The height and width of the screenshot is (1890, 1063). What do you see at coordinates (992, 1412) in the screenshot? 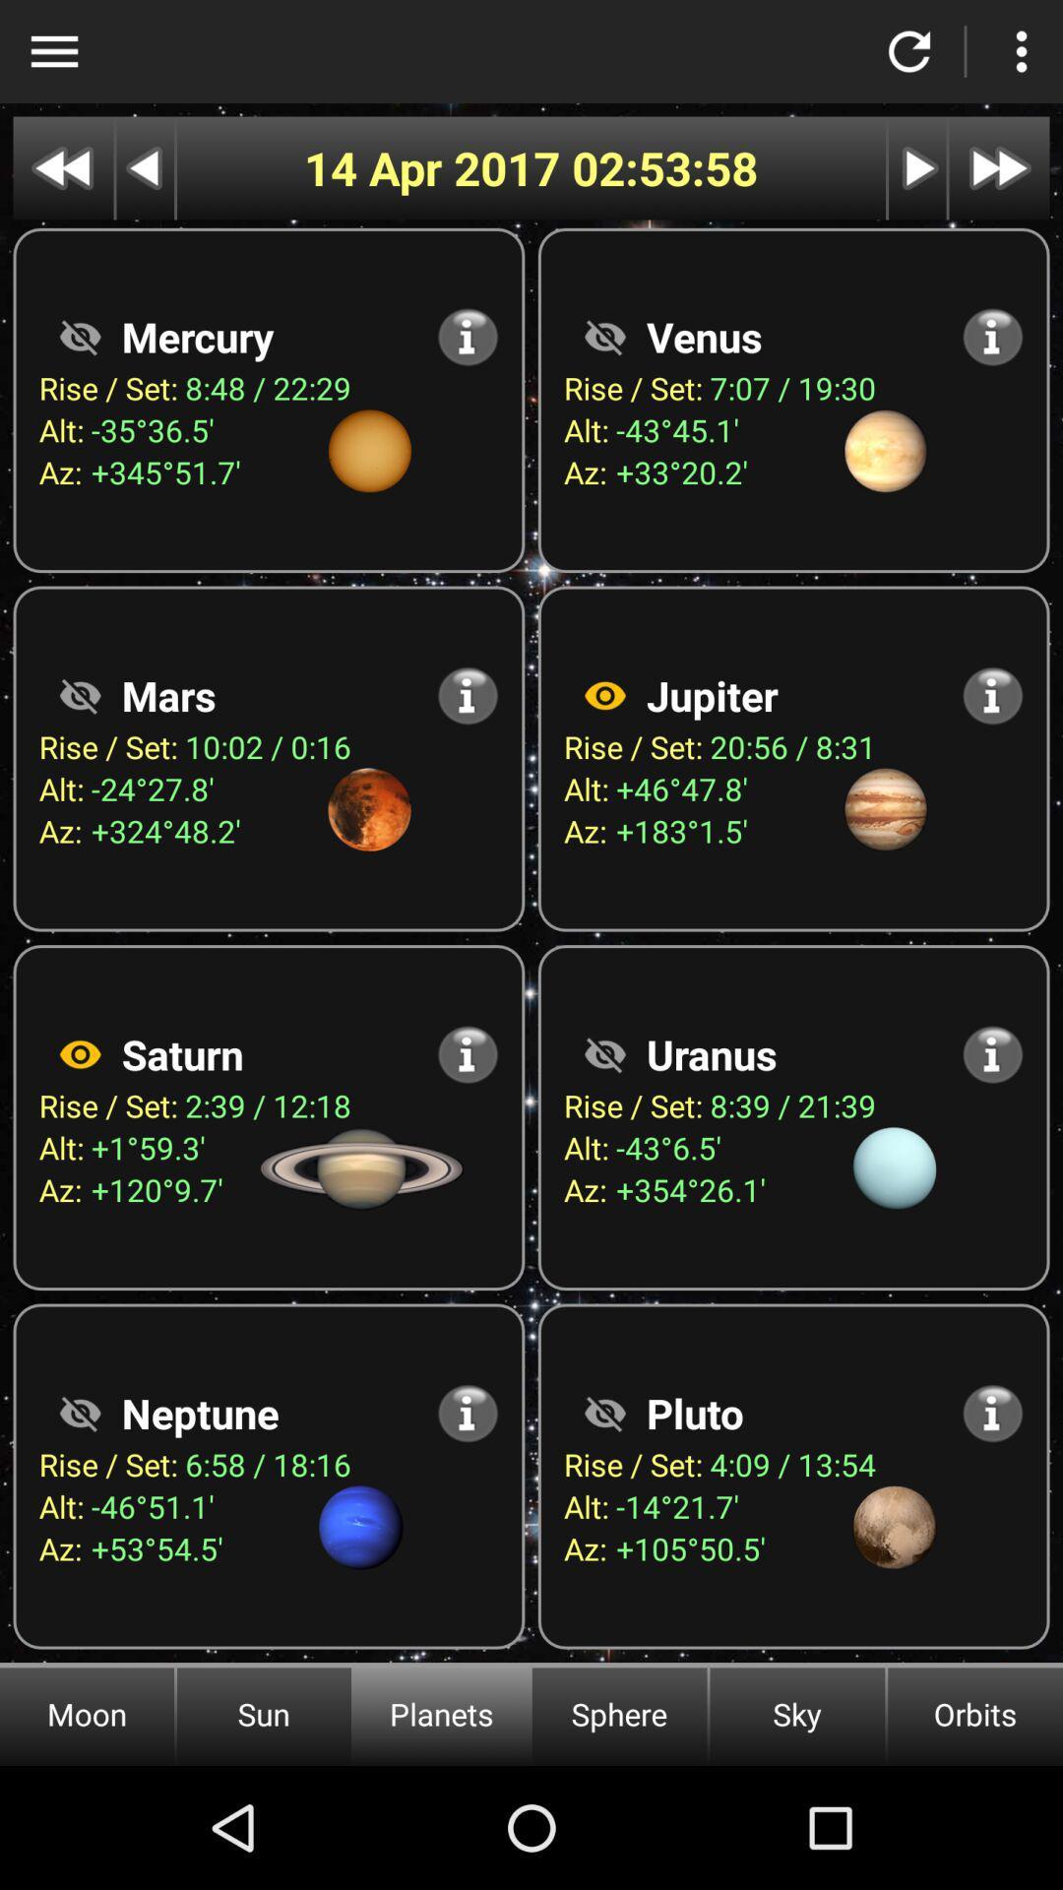
I see `the info icon` at bounding box center [992, 1412].